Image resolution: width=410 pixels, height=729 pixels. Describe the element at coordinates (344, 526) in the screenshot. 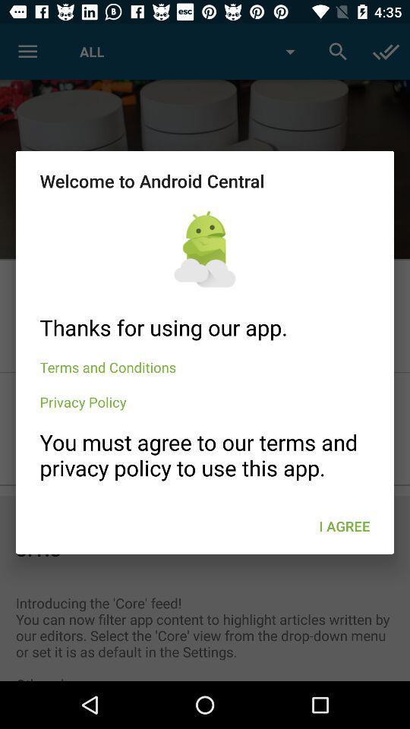

I see `the i agree icon` at that location.